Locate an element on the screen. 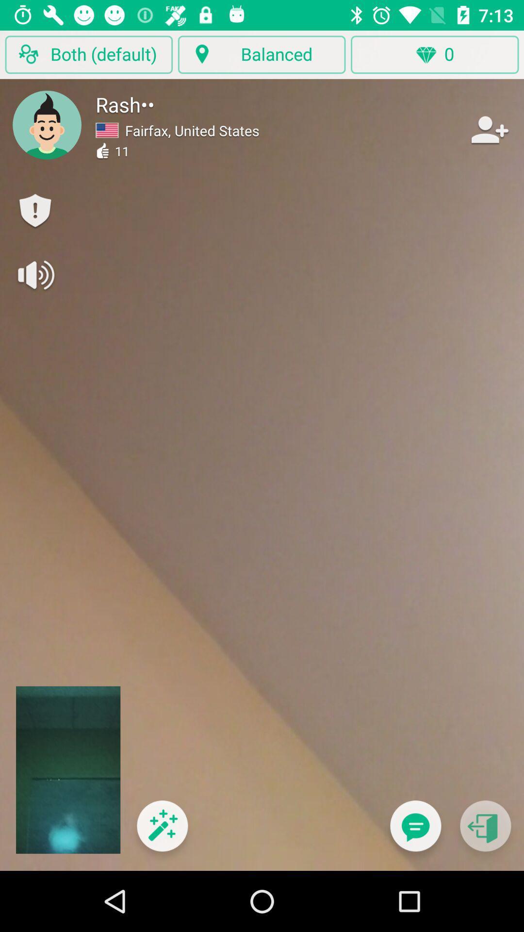 This screenshot has width=524, height=932. open user profile is located at coordinates (47, 124).